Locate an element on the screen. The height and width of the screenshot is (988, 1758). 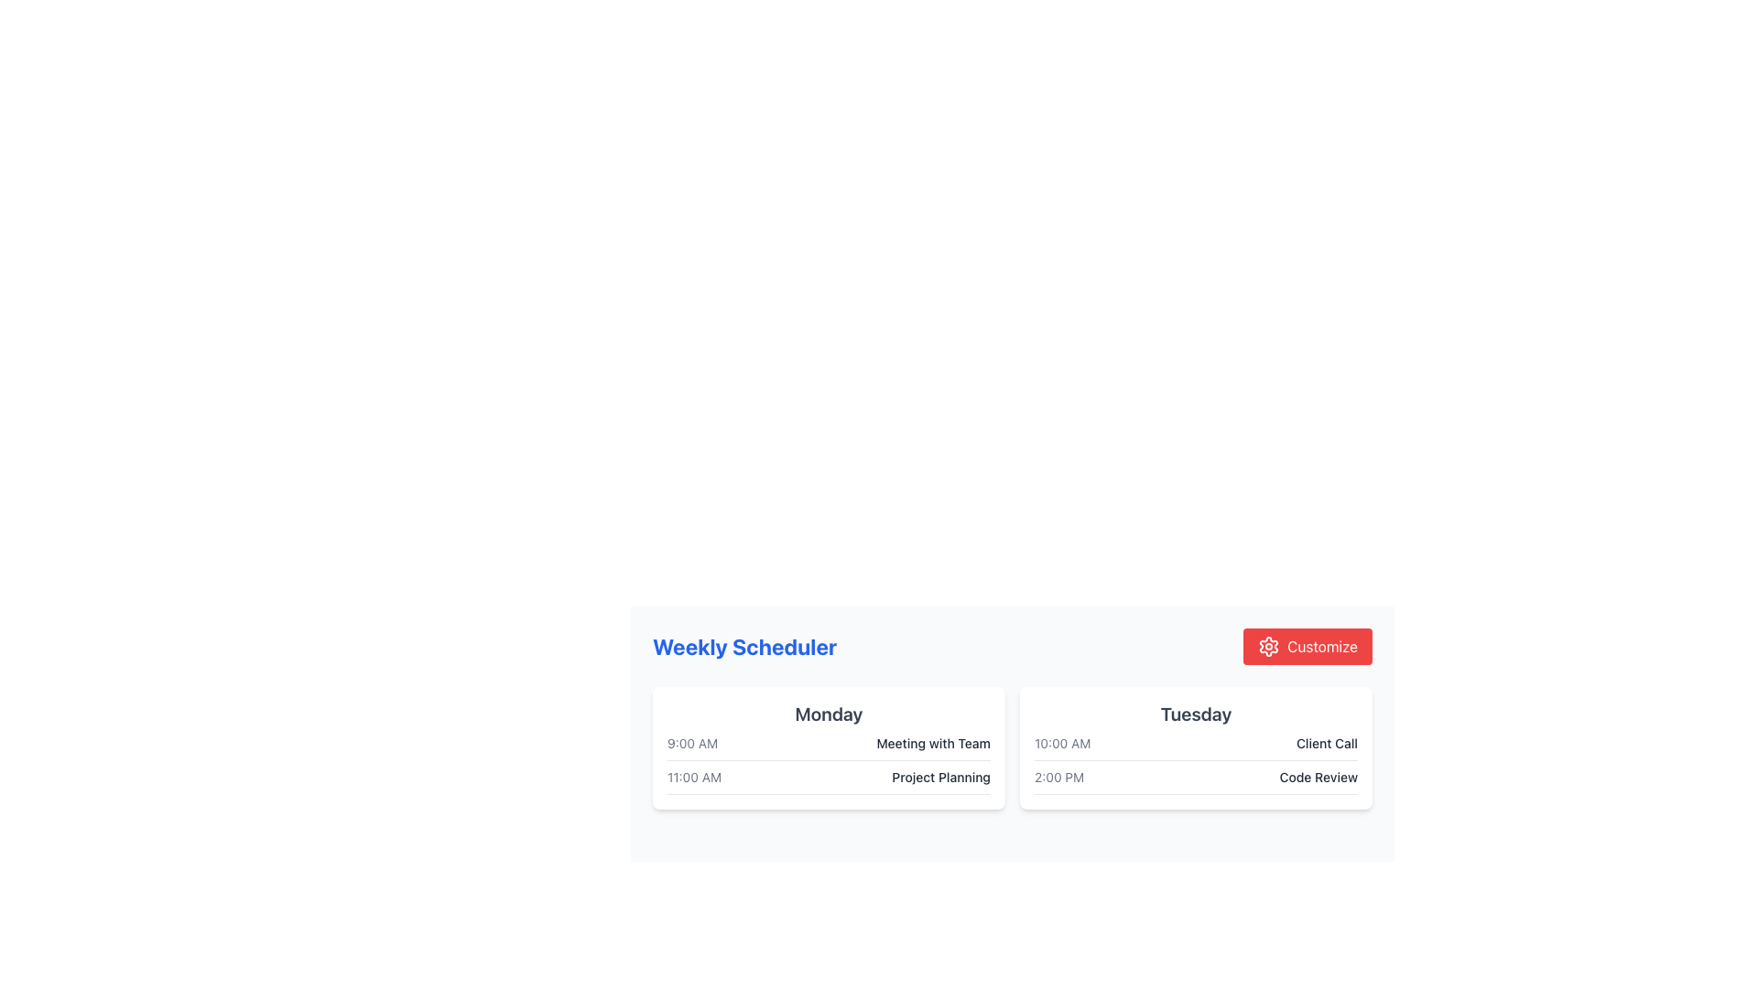
the text label displaying 'Monday' styled in a bold, large font with a dark gray color, located at the top of a white rectangular card in the weekly scheduler interface is located at coordinates (828, 713).